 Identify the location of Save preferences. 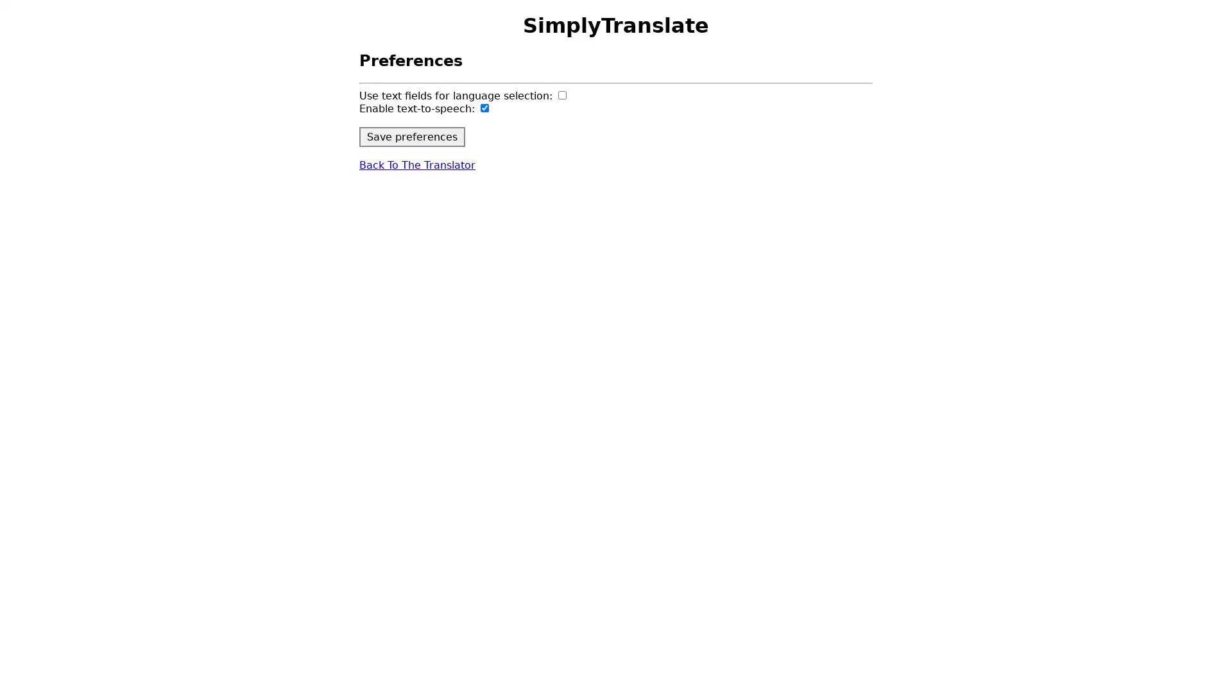
(412, 136).